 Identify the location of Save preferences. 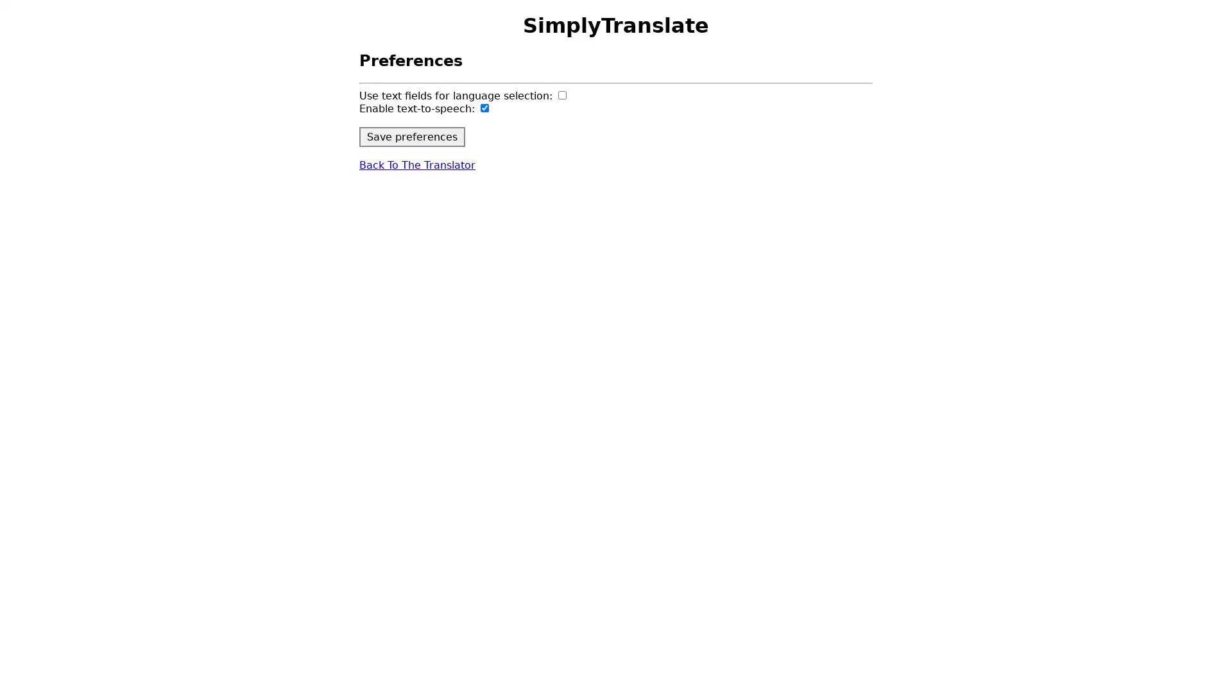
(412, 136).